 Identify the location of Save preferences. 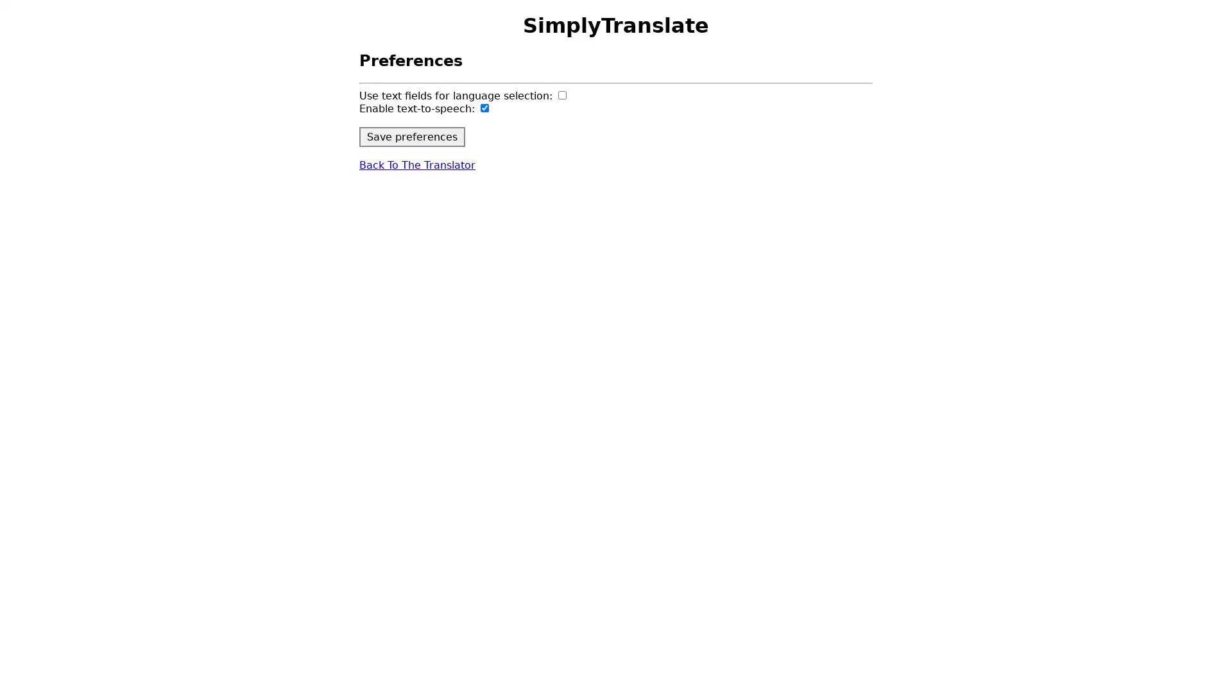
(412, 136).